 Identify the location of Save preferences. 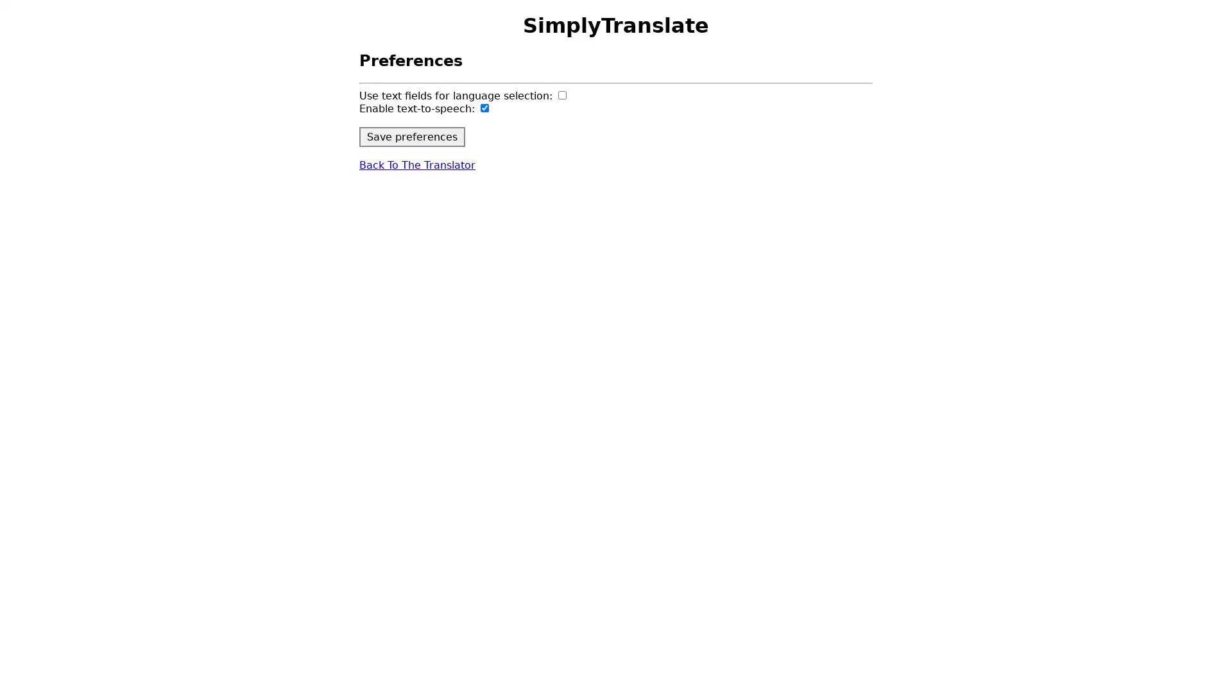
(412, 136).